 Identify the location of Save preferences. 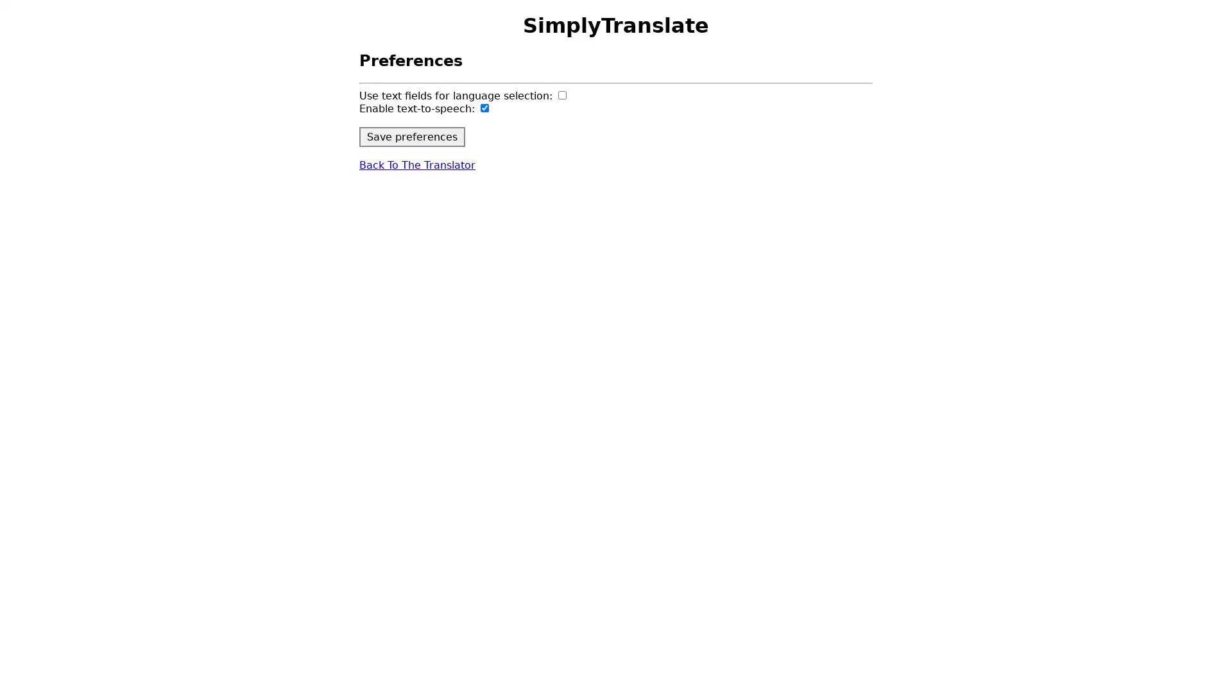
(412, 136).